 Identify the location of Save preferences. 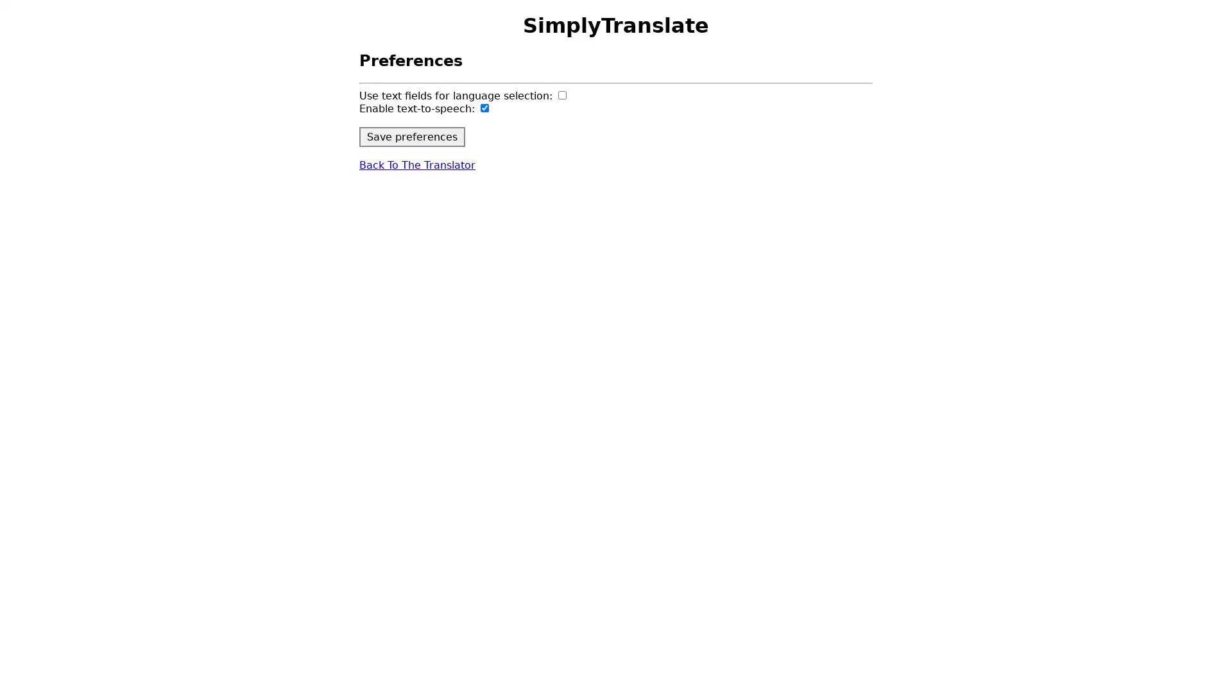
(412, 136).